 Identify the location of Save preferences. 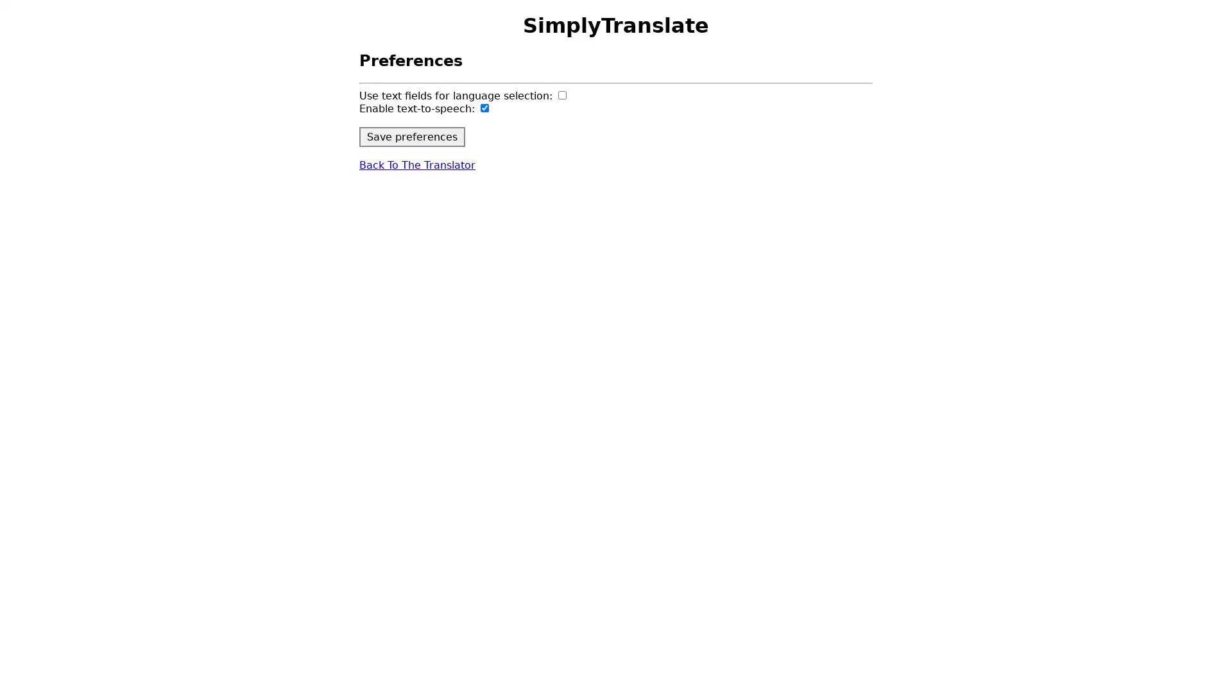
(412, 136).